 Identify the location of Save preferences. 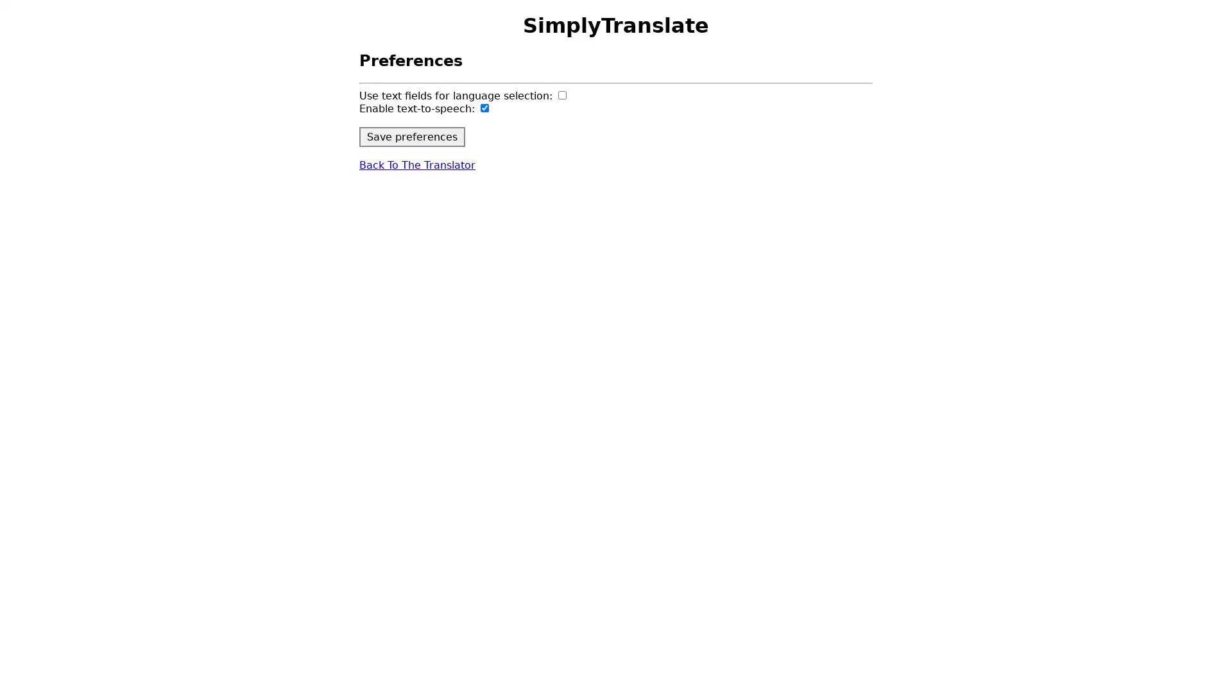
(412, 136).